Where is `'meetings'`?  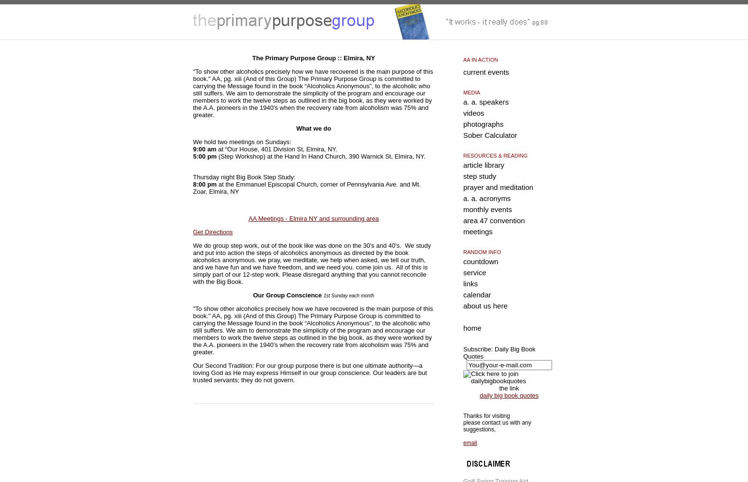
'meetings' is located at coordinates (477, 231).